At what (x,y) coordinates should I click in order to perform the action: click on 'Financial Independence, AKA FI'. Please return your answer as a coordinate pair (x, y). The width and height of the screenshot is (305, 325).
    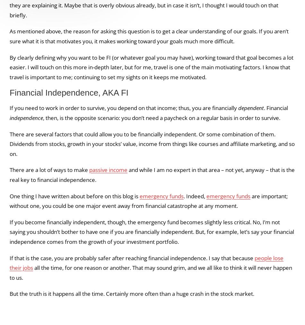
    Looking at the image, I should click on (69, 92).